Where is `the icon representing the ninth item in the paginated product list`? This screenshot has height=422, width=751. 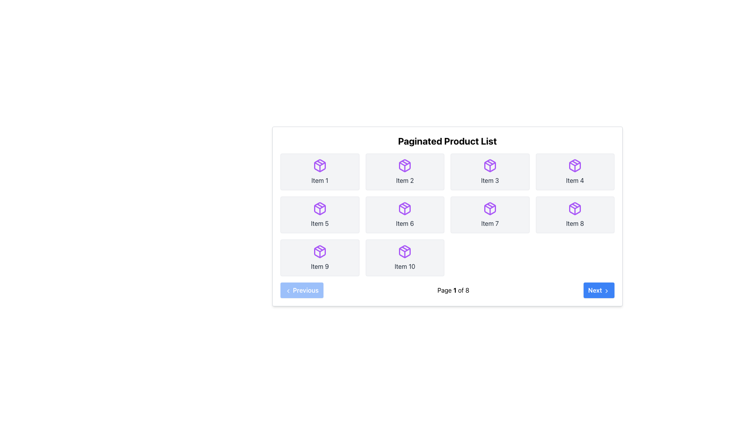 the icon representing the ninth item in the paginated product list is located at coordinates (320, 252).